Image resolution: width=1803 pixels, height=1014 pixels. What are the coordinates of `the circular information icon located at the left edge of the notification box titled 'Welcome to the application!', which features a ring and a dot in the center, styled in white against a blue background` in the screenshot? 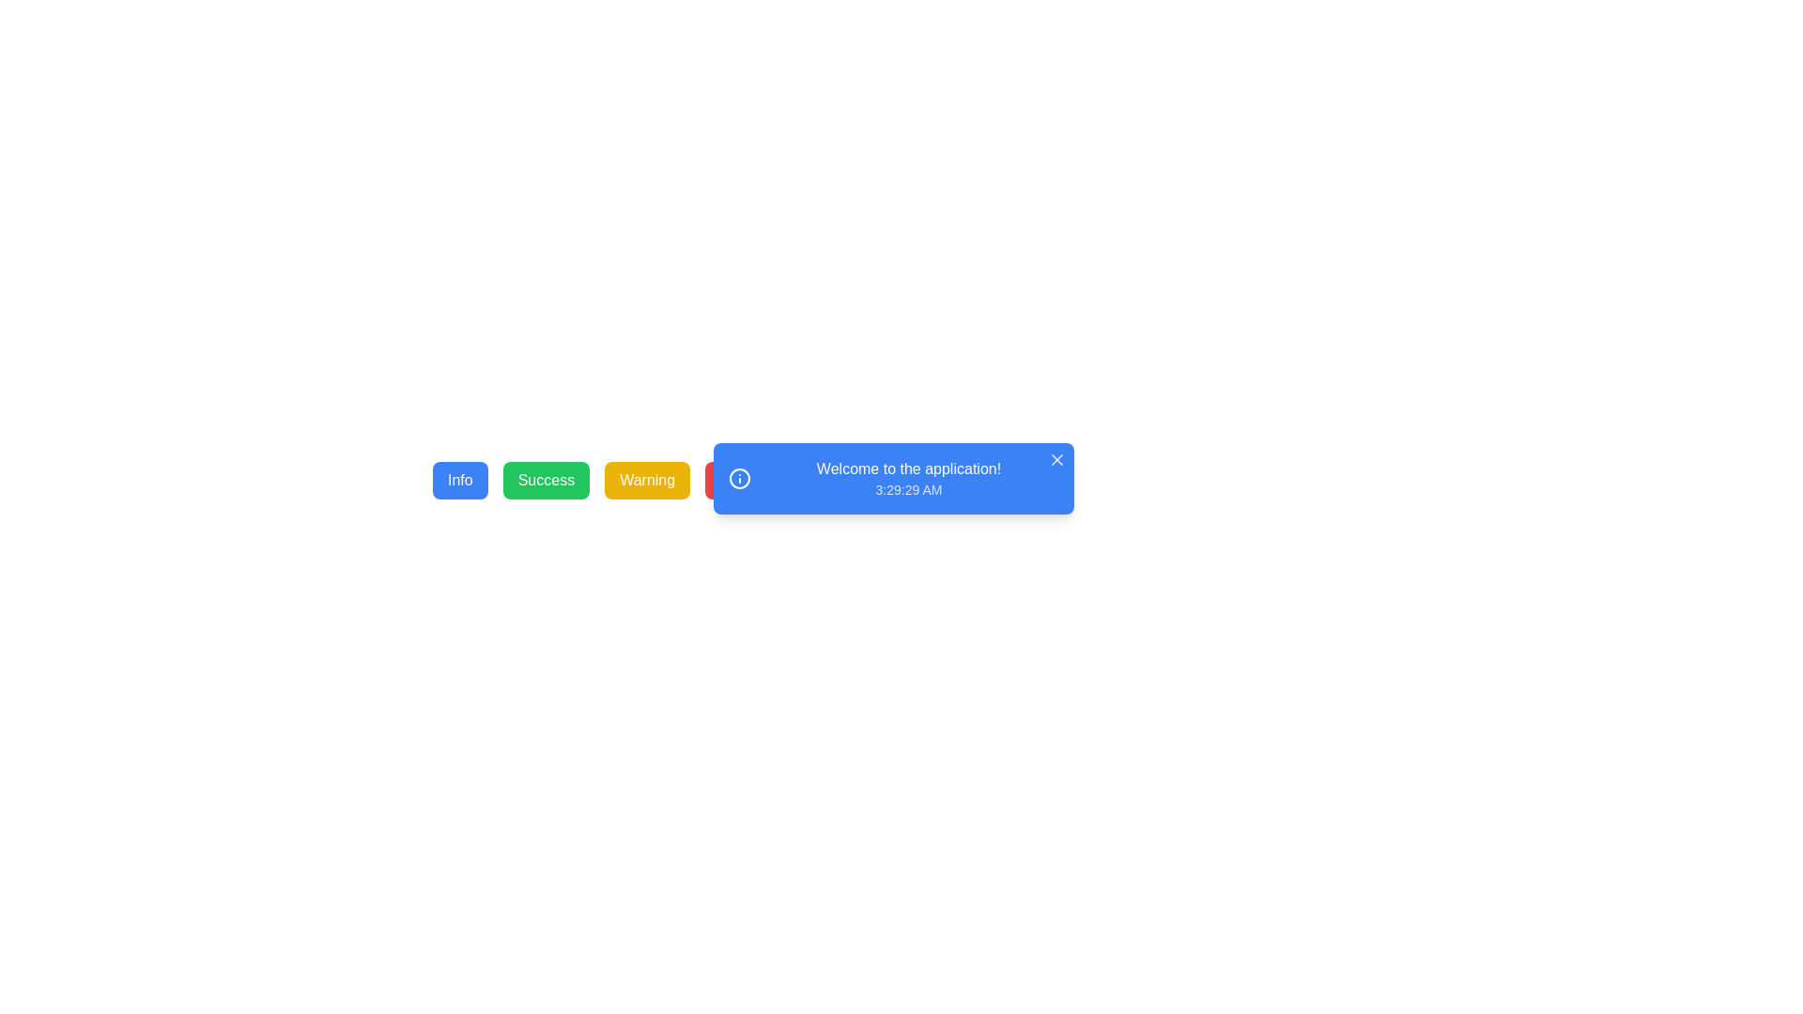 It's located at (738, 477).